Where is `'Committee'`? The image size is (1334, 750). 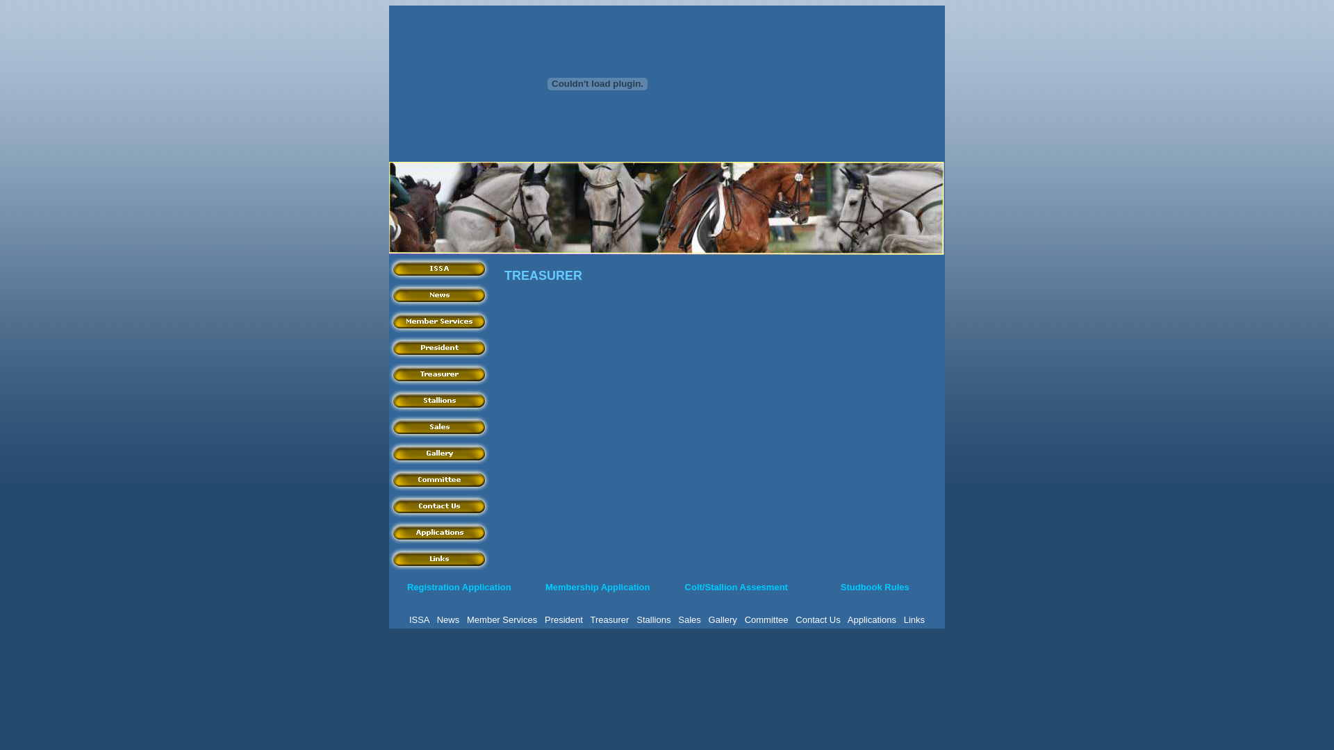
'Committee' is located at coordinates (389, 478).